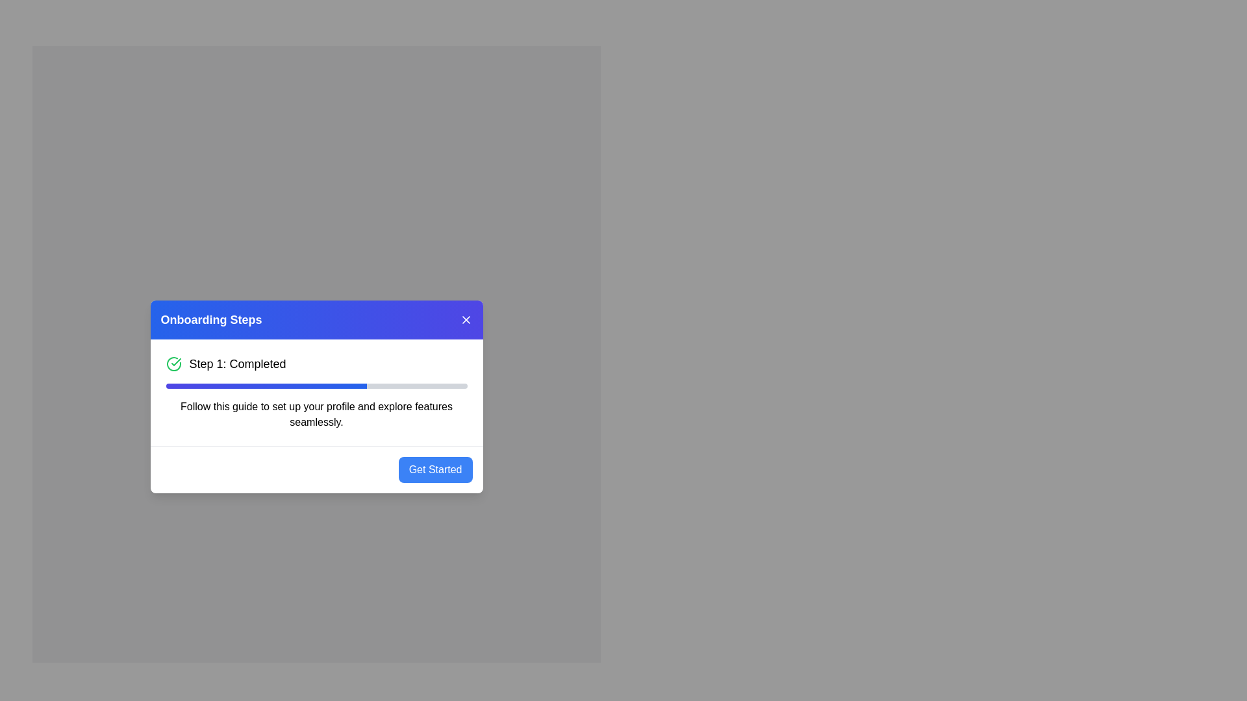 This screenshot has width=1247, height=701. I want to click on the button located at the bottom-right of the 'Onboarding Steps' modal dialog box to initiate the onboarding process, so click(435, 469).